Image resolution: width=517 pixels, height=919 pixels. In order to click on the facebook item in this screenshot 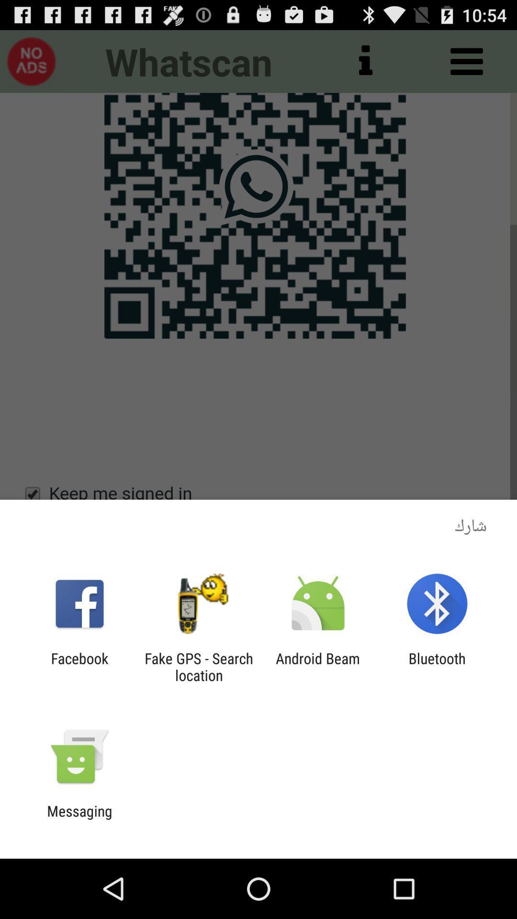, I will do `click(79, 666)`.